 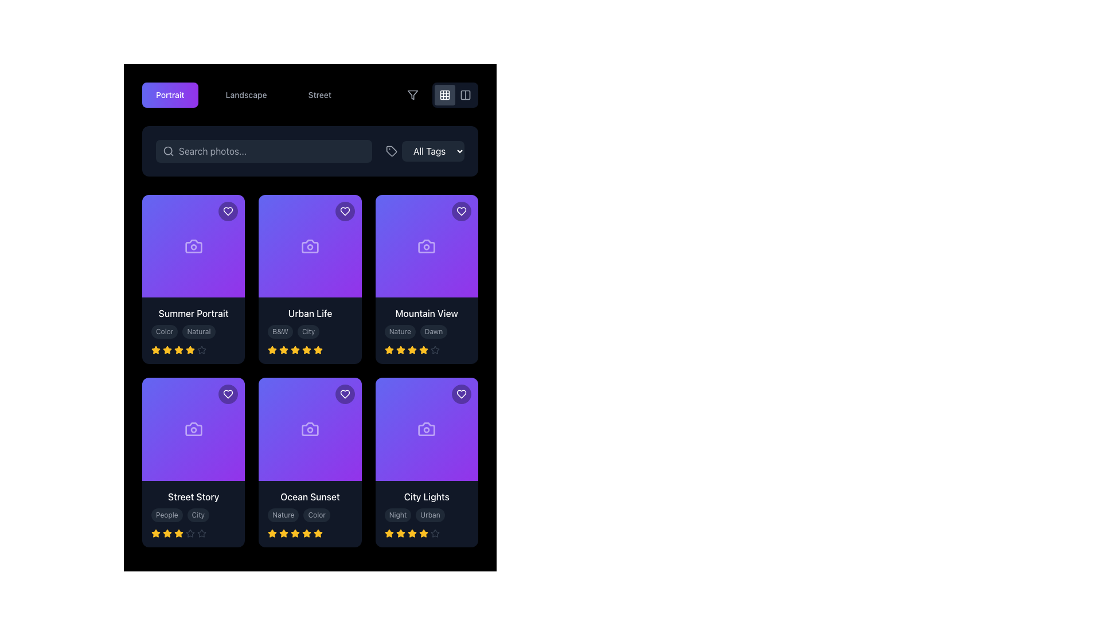 What do you see at coordinates (167, 533) in the screenshot?
I see `the first yellow star icon in the row of rating stars below the 'Street Story' card to interact with it` at bounding box center [167, 533].